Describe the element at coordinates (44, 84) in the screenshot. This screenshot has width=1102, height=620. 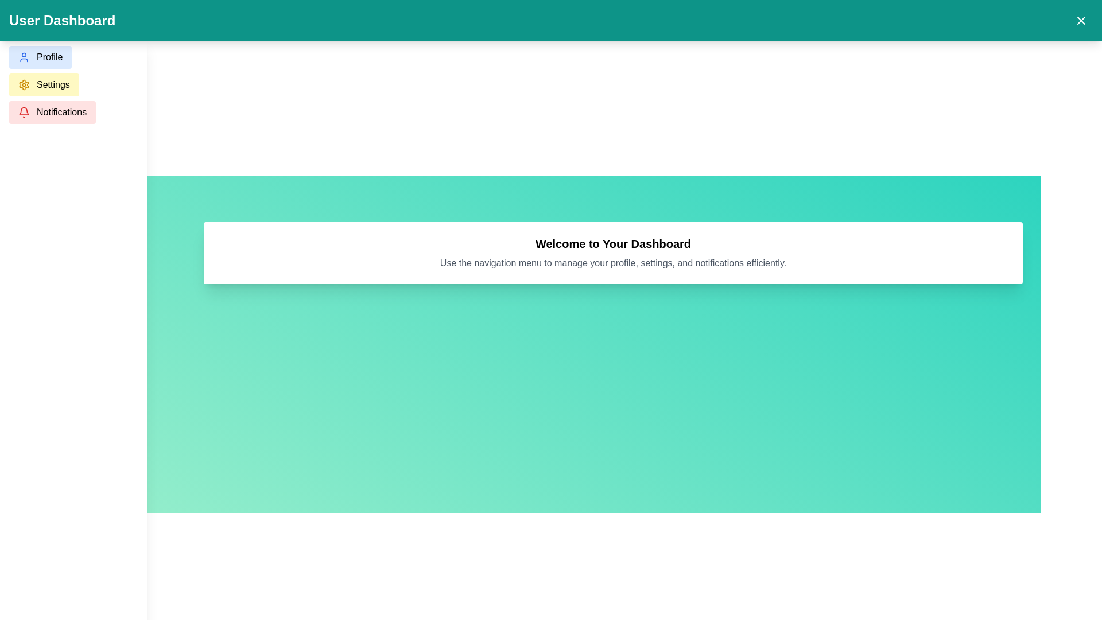
I see `the navigation button located below the 'Profile' button and above the 'Notifications' button` at that location.